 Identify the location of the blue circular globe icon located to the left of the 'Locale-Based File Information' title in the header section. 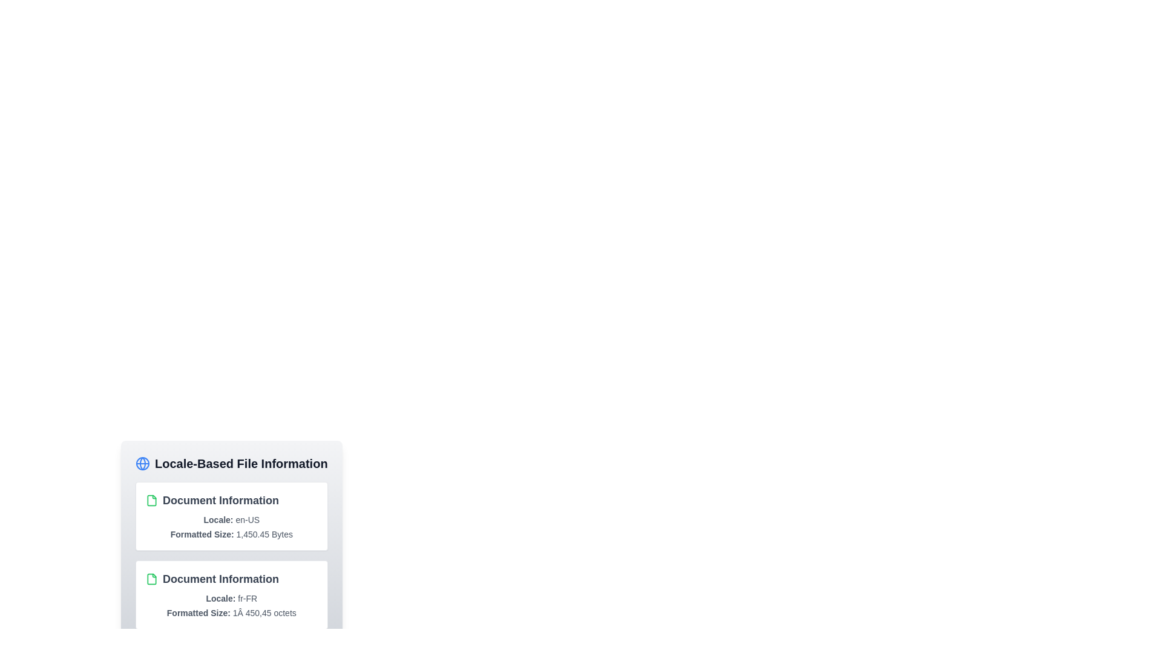
(142, 463).